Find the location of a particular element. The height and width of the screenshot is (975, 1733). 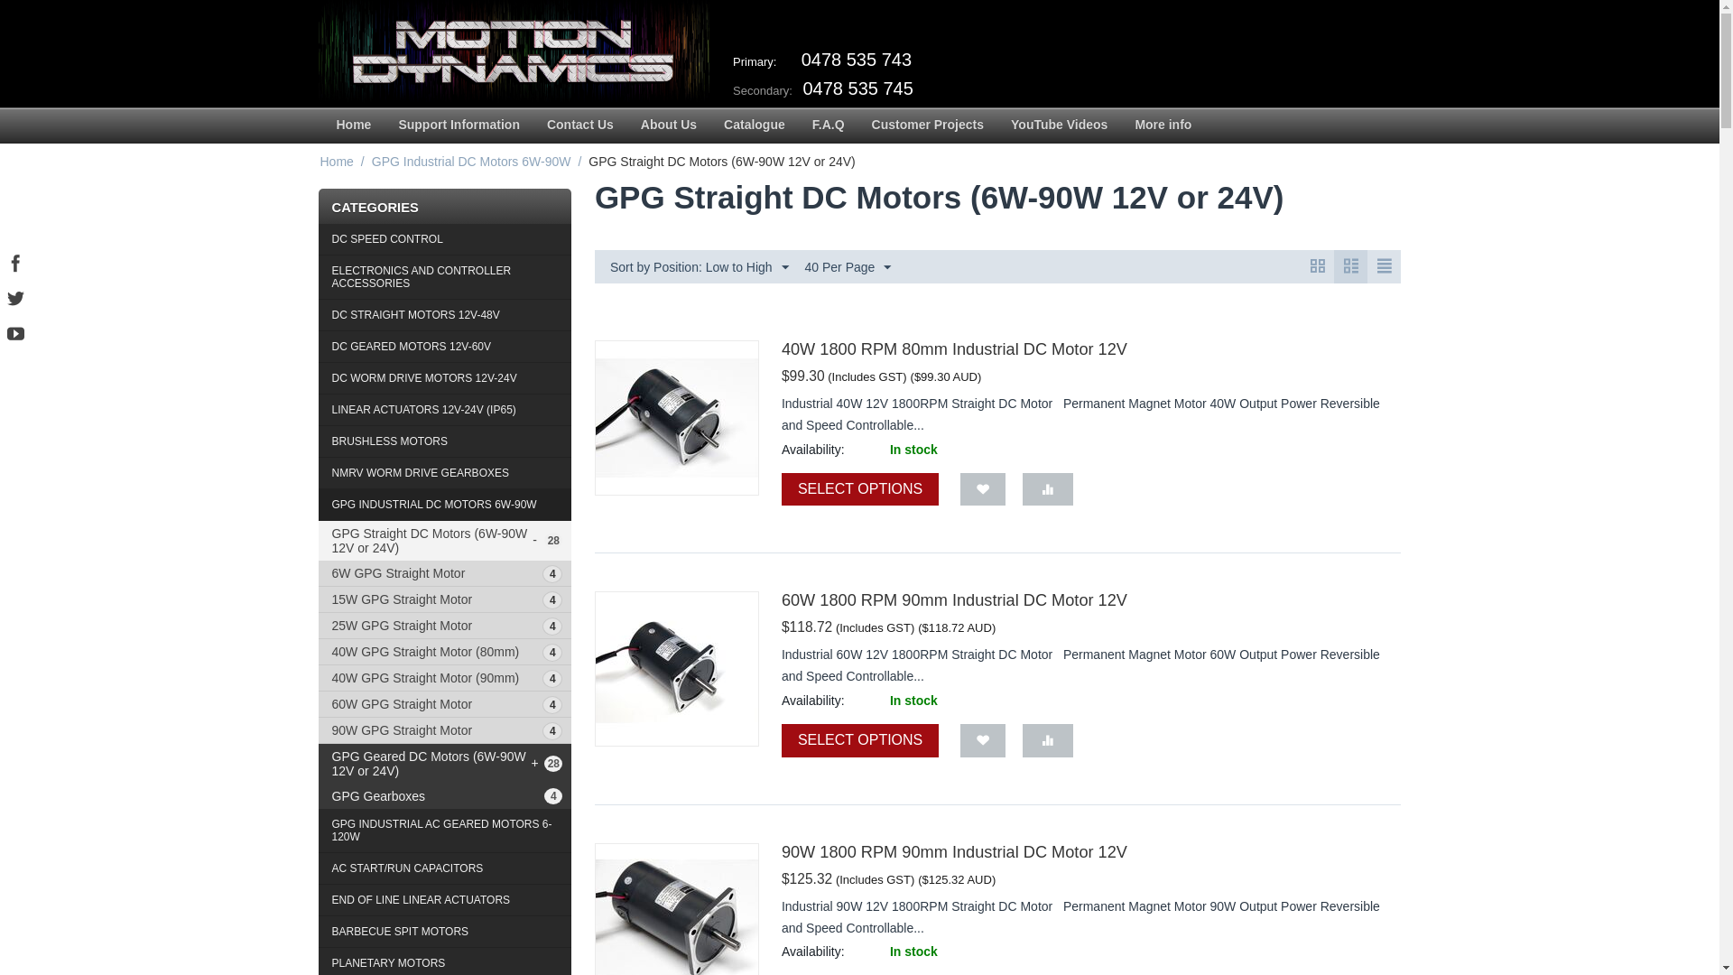

'DC GEARED MOTORS 12V-60V' is located at coordinates (444, 347).